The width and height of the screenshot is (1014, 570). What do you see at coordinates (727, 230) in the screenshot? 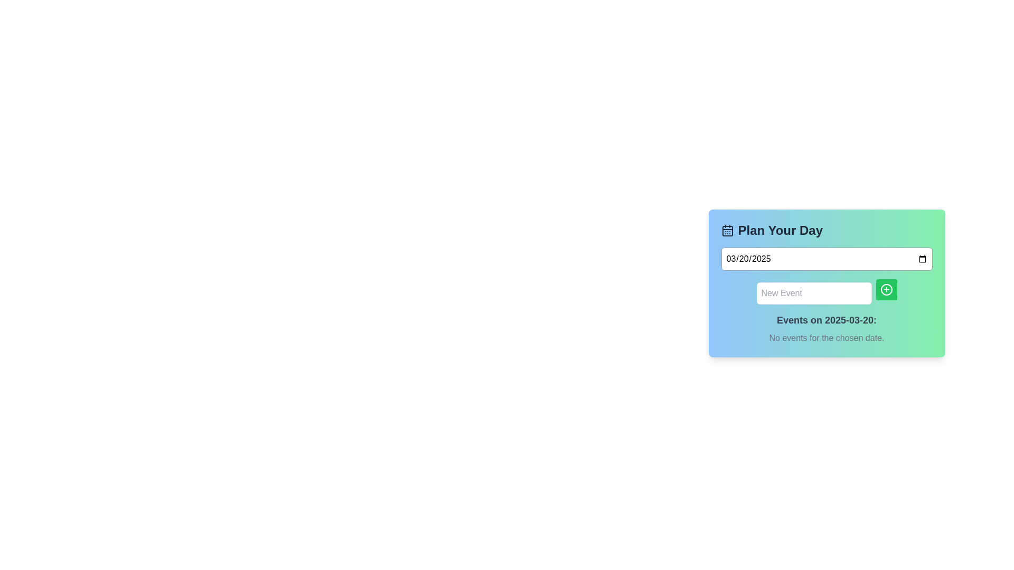
I see `the calendar icon located in the top-left corner of the 'Plan Your Day' section, which serves as a decorative emblem for the calendar application` at bounding box center [727, 230].